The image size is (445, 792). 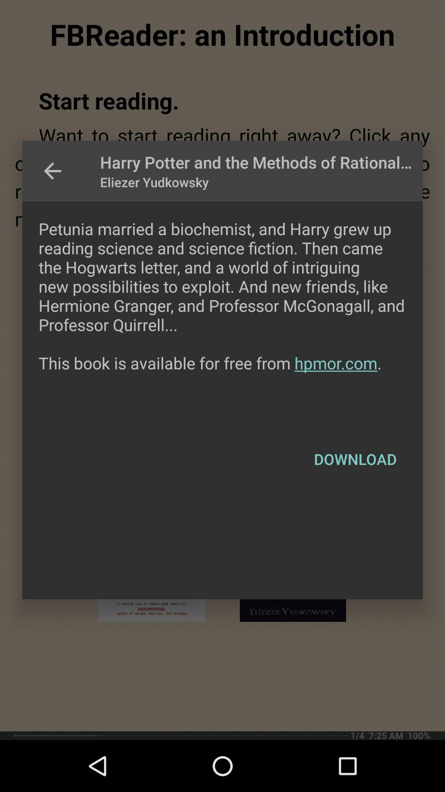 I want to click on the item below the petunia married a, so click(x=355, y=459).